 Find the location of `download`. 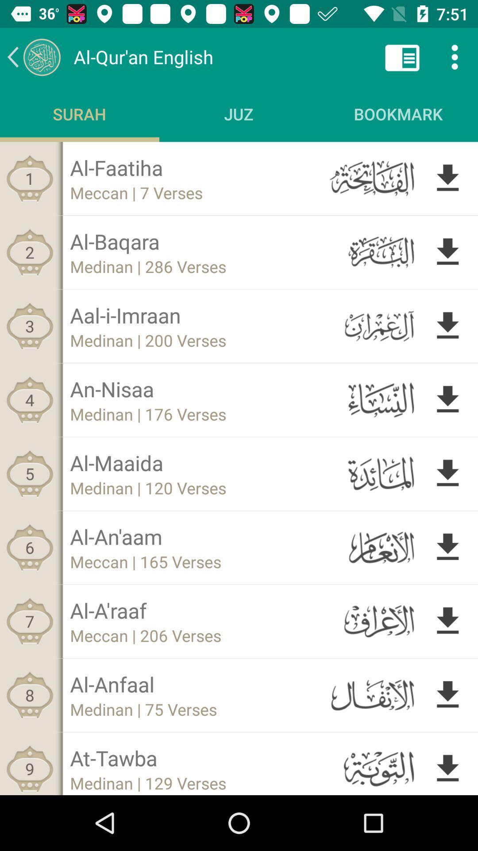

download is located at coordinates (447, 178).